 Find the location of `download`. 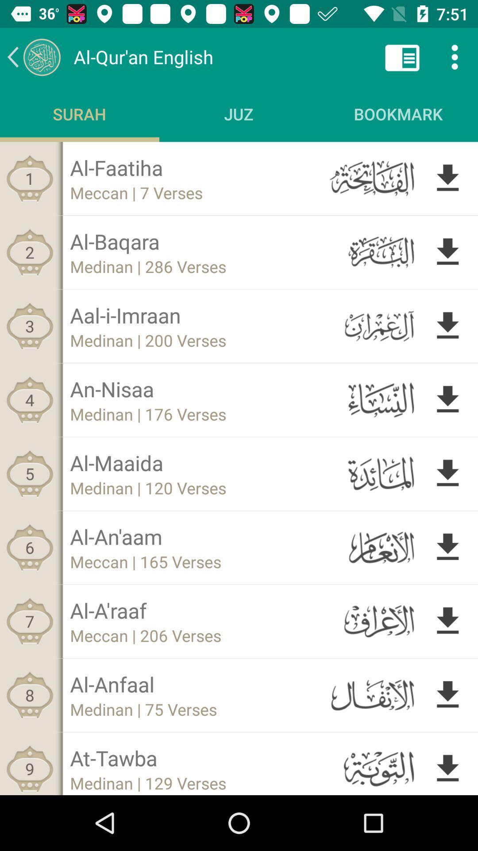

download is located at coordinates (447, 178).